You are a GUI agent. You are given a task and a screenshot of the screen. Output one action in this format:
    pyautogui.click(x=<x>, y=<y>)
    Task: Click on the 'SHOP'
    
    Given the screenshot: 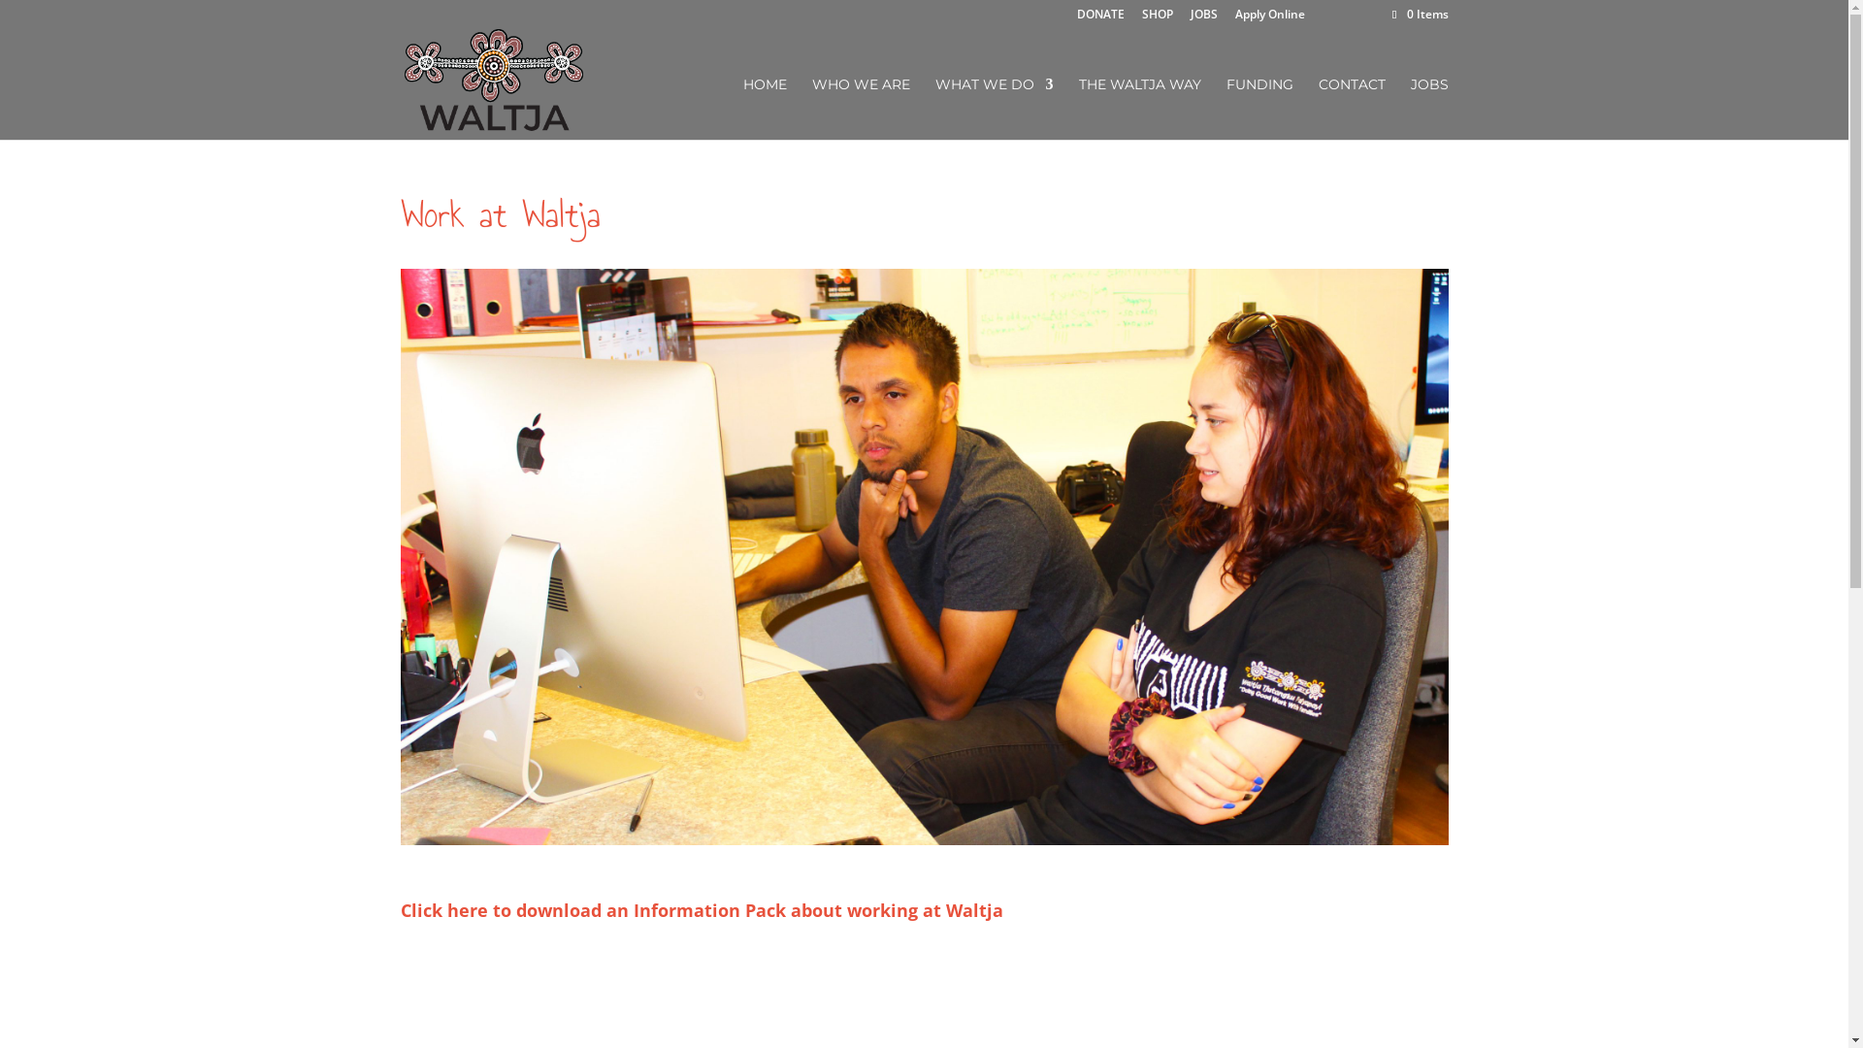 What is the action you would take?
    pyautogui.click(x=1158, y=18)
    